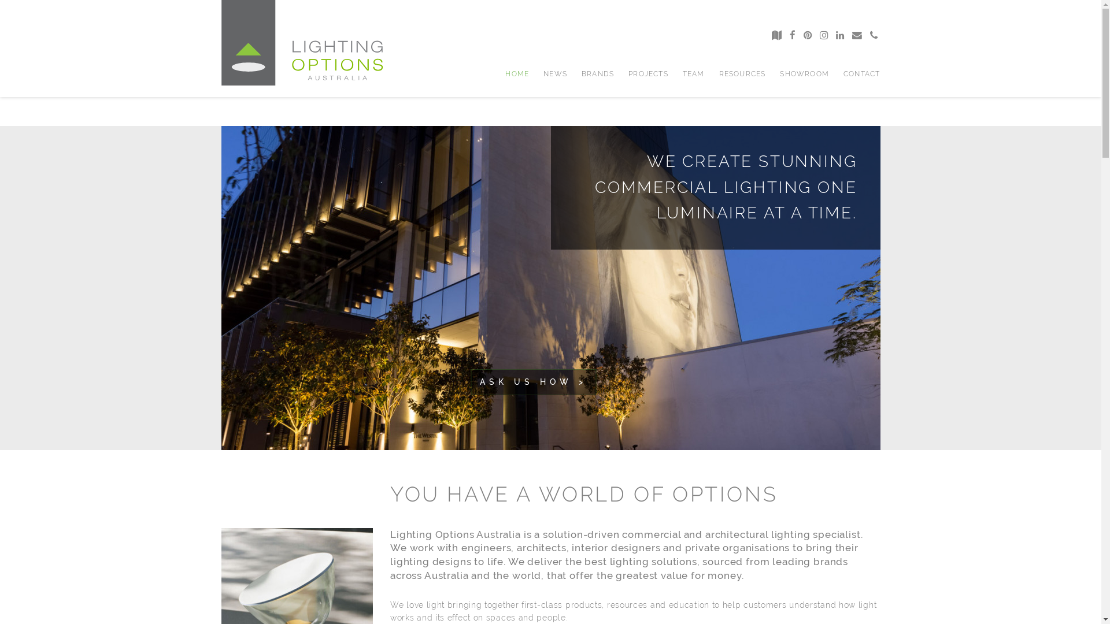 This screenshot has height=624, width=1110. I want to click on 'BRANDS', so click(582, 73).